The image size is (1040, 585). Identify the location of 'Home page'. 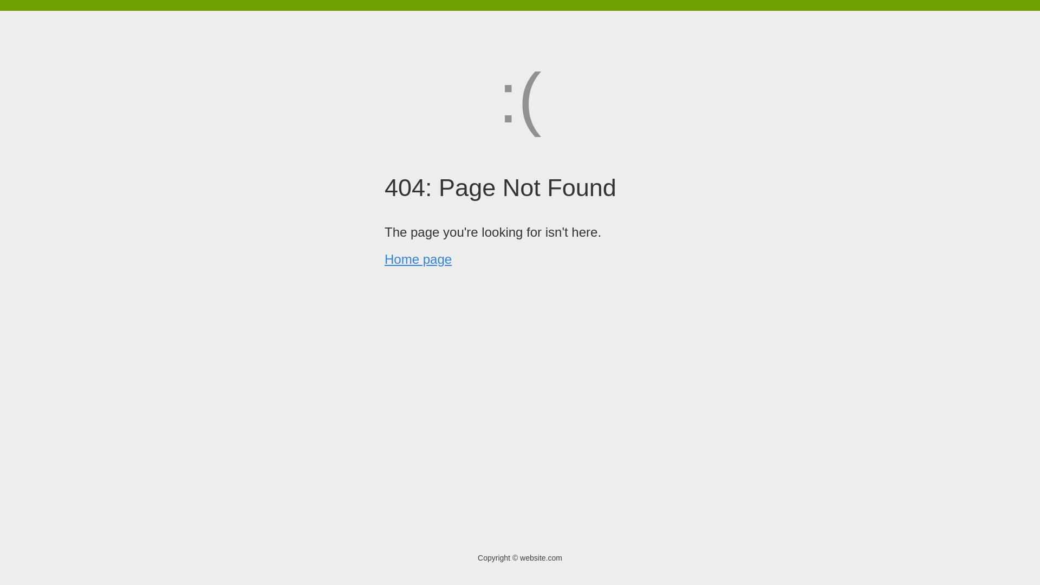
(418, 259).